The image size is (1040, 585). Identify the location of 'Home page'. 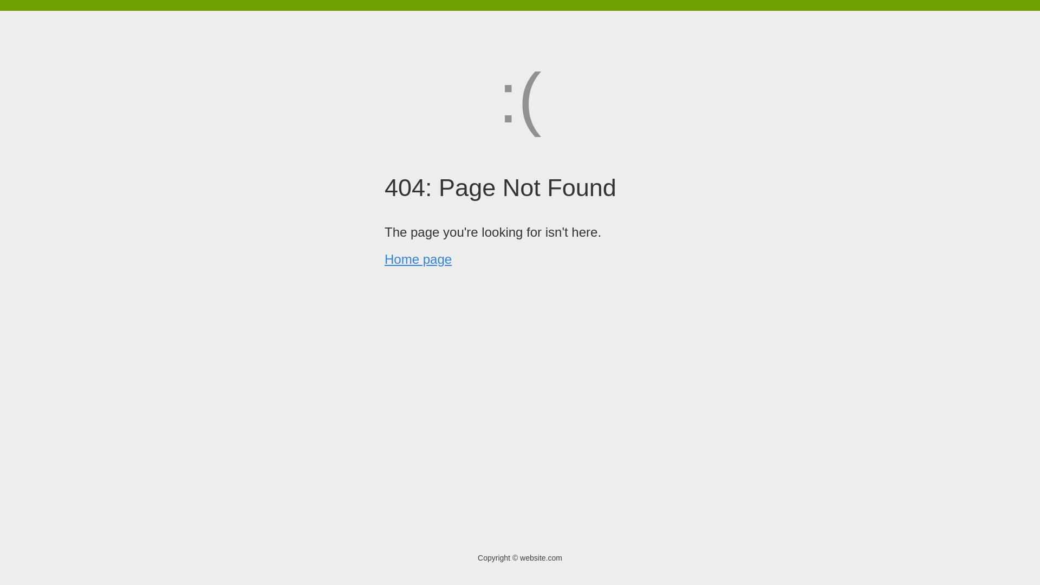
(418, 259).